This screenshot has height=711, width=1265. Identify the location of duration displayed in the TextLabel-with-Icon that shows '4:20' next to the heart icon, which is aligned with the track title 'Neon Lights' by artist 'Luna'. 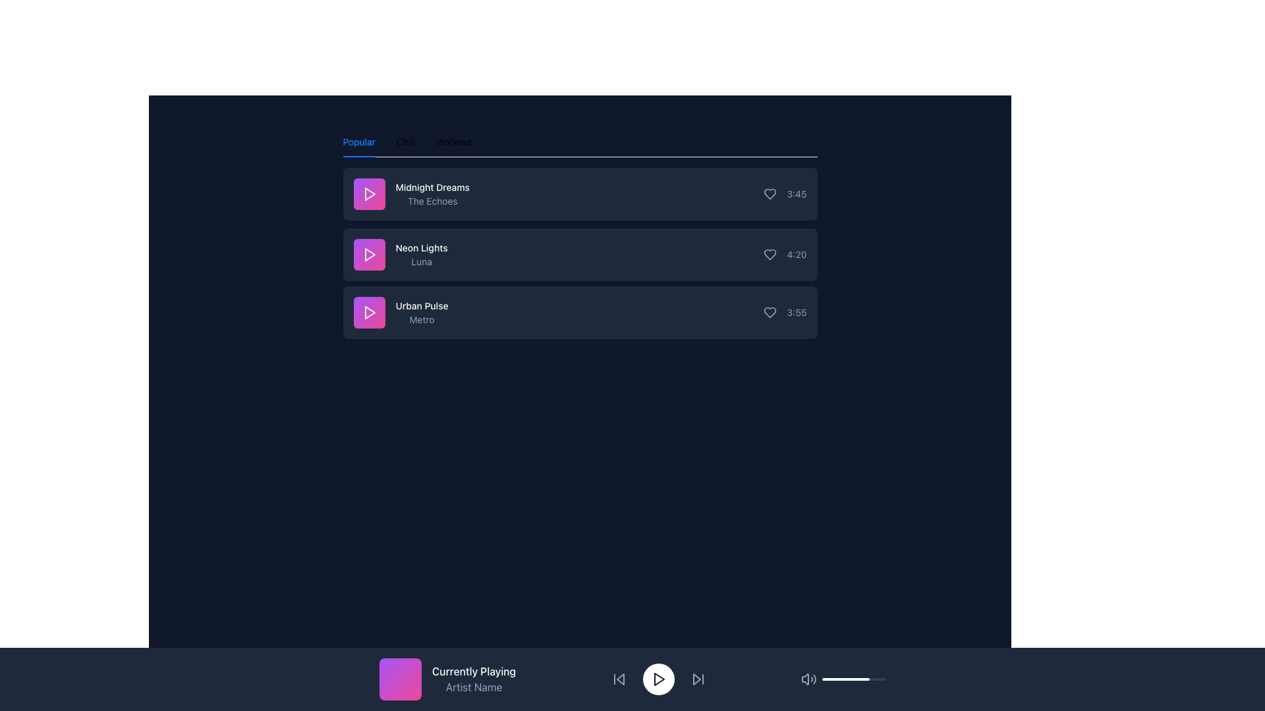
(785, 254).